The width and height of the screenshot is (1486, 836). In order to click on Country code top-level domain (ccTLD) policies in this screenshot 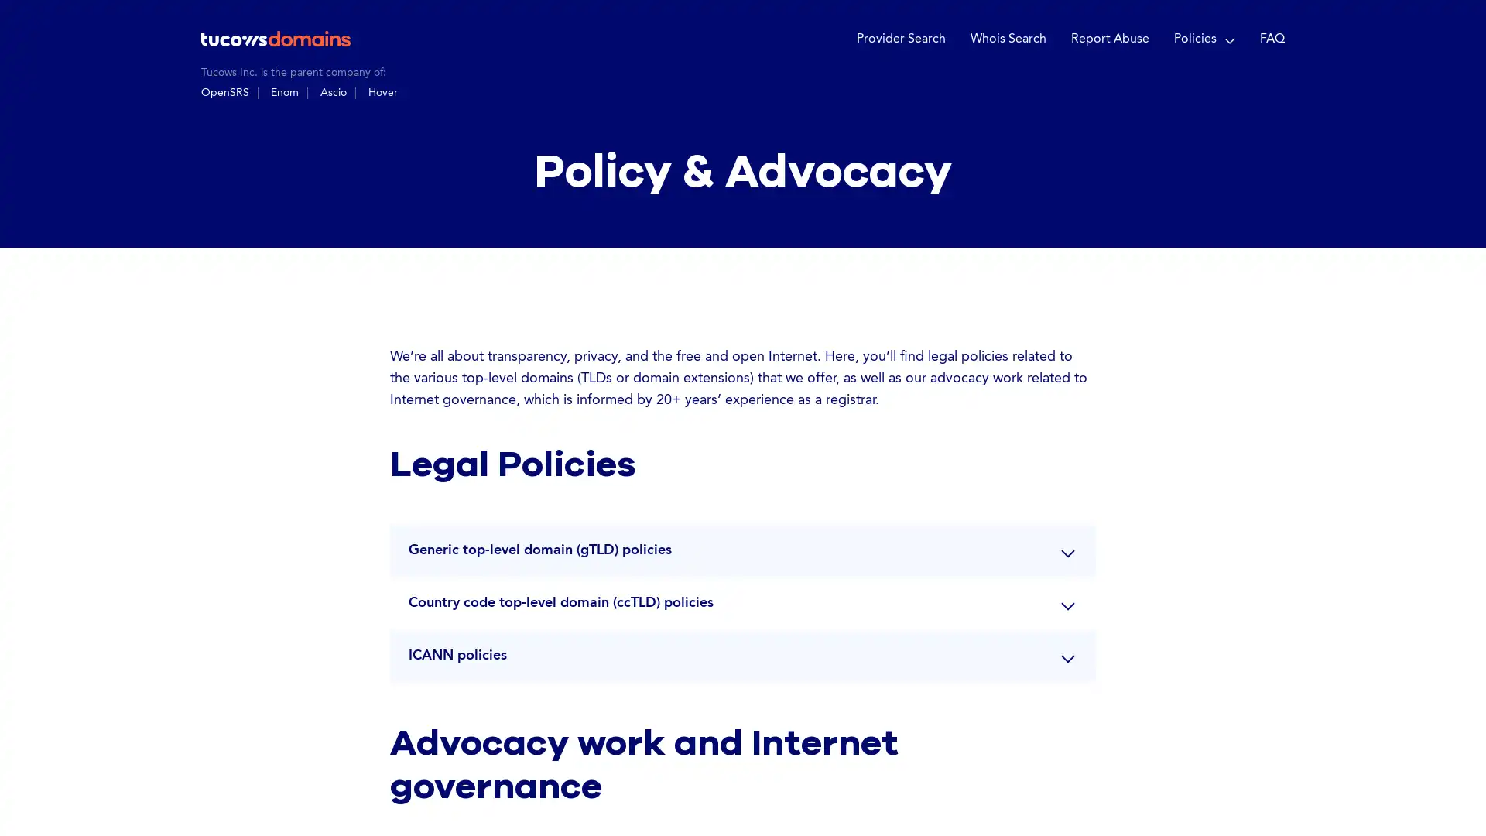, I will do `click(743, 601)`.